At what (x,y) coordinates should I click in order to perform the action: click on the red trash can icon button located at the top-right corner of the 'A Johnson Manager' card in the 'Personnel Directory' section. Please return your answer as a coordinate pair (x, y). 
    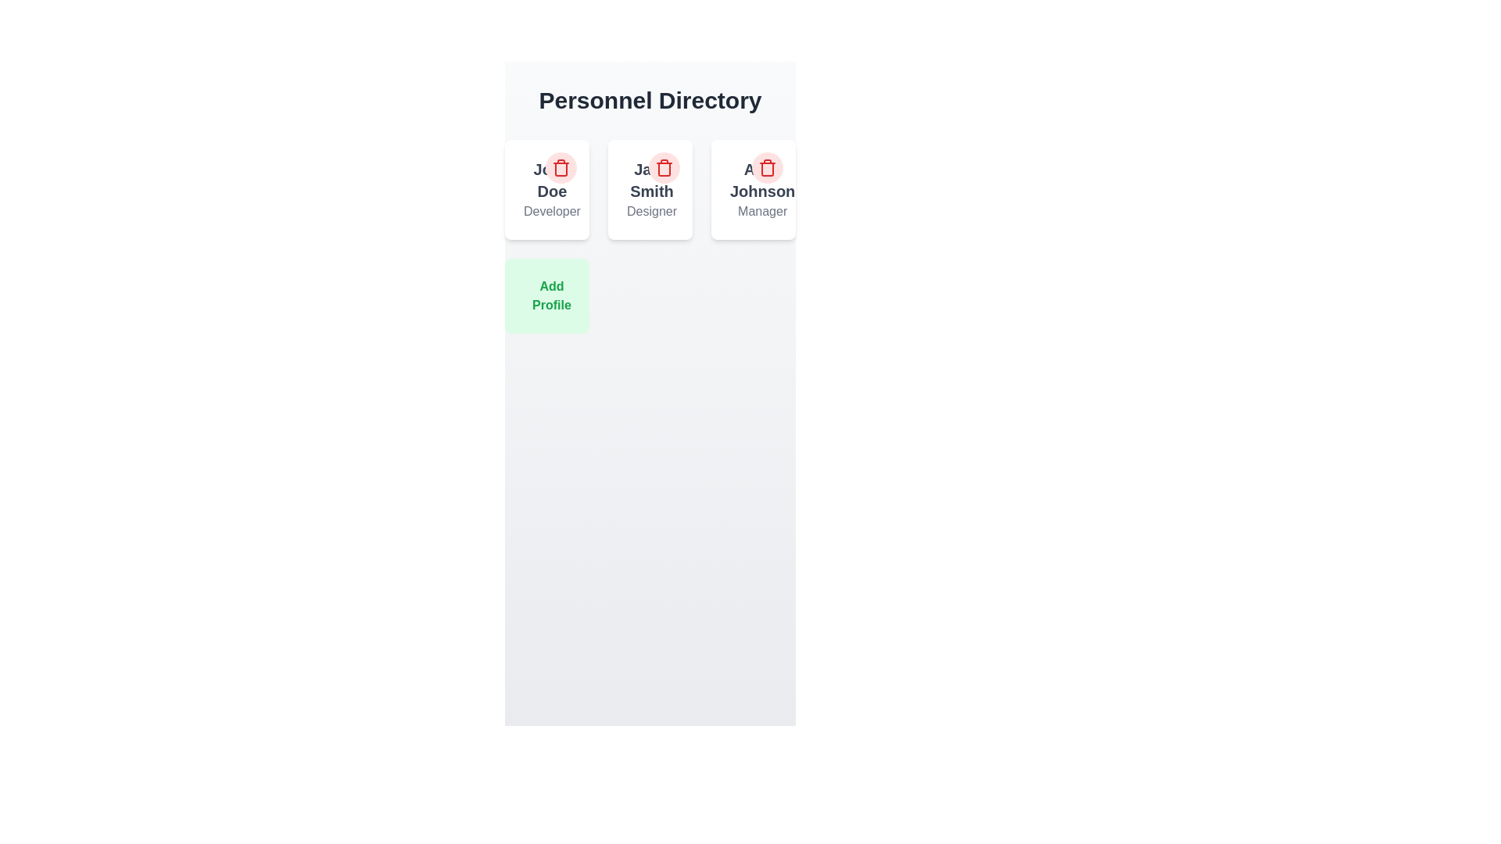
    Looking at the image, I should click on (768, 168).